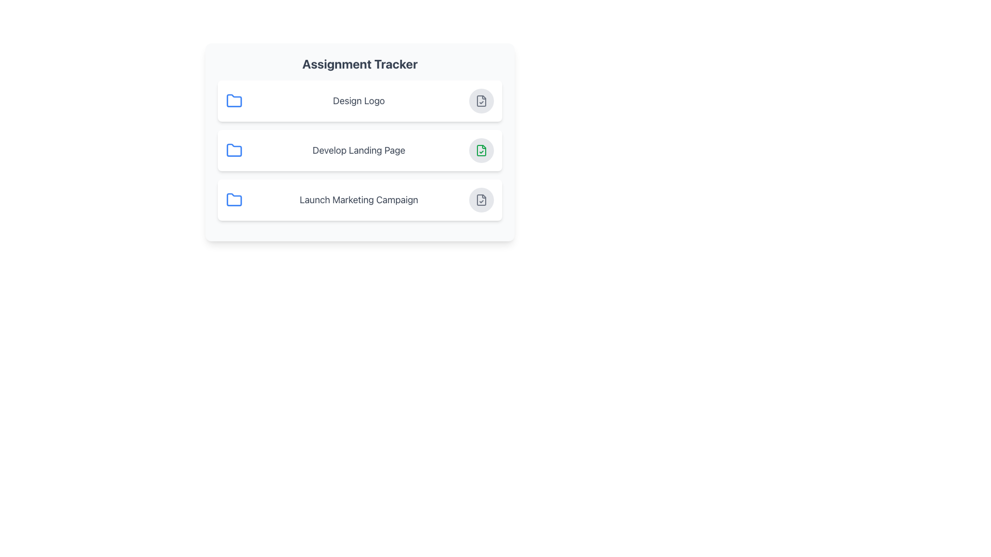 Image resolution: width=991 pixels, height=557 pixels. What do you see at coordinates (234, 199) in the screenshot?
I see `the vector graphic component of the folder icon next to 'Launch Marketing Campaign' in the 'Assignment Tracker' list to trigger hover effects` at bounding box center [234, 199].